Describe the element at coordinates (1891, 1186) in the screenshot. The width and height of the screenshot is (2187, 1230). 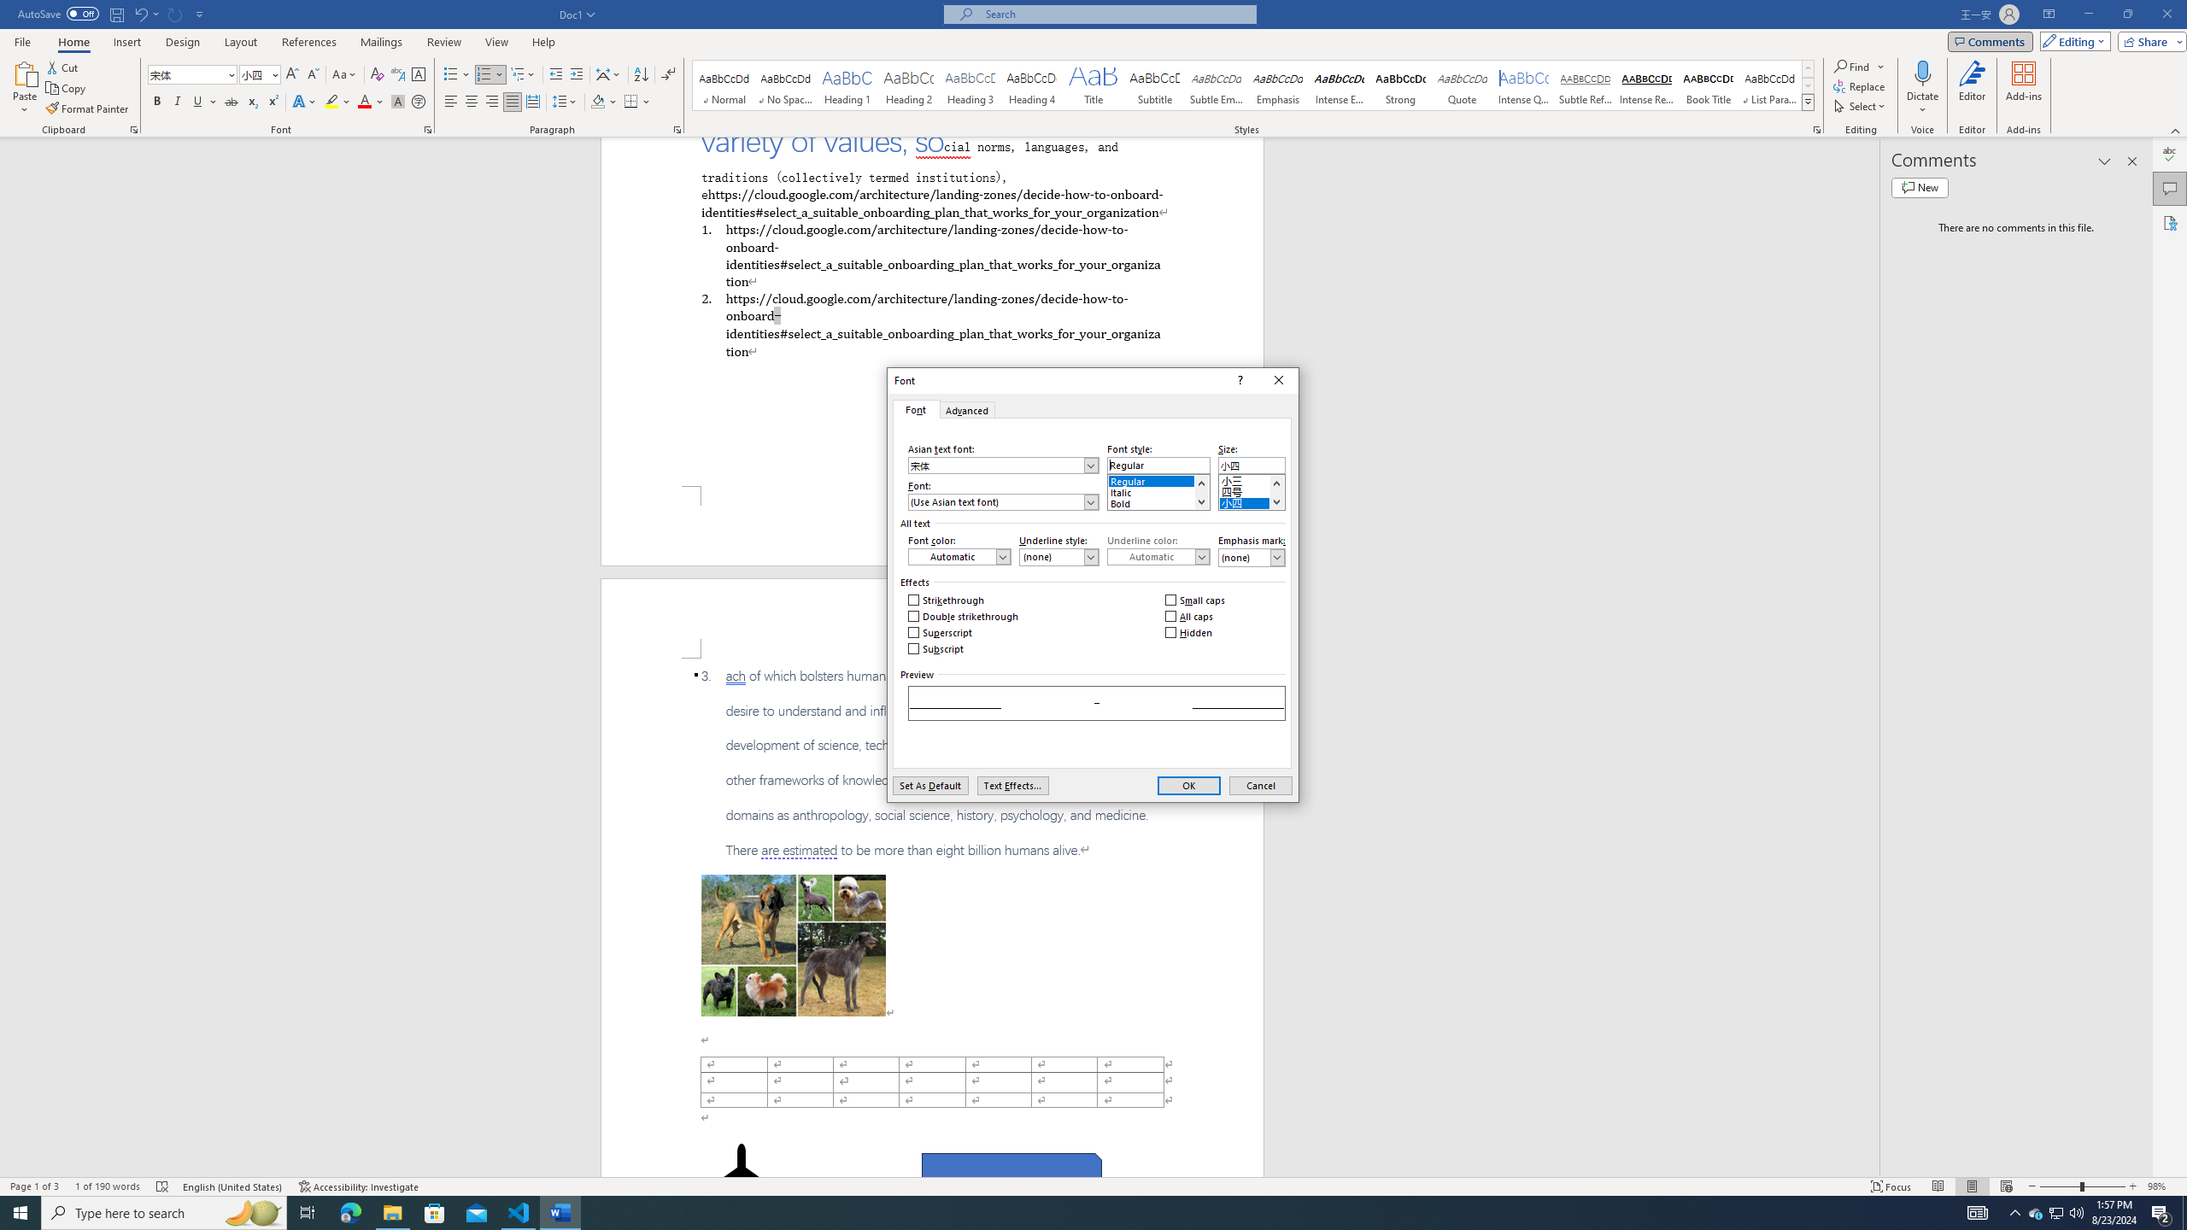
I see `'Focus '` at that location.